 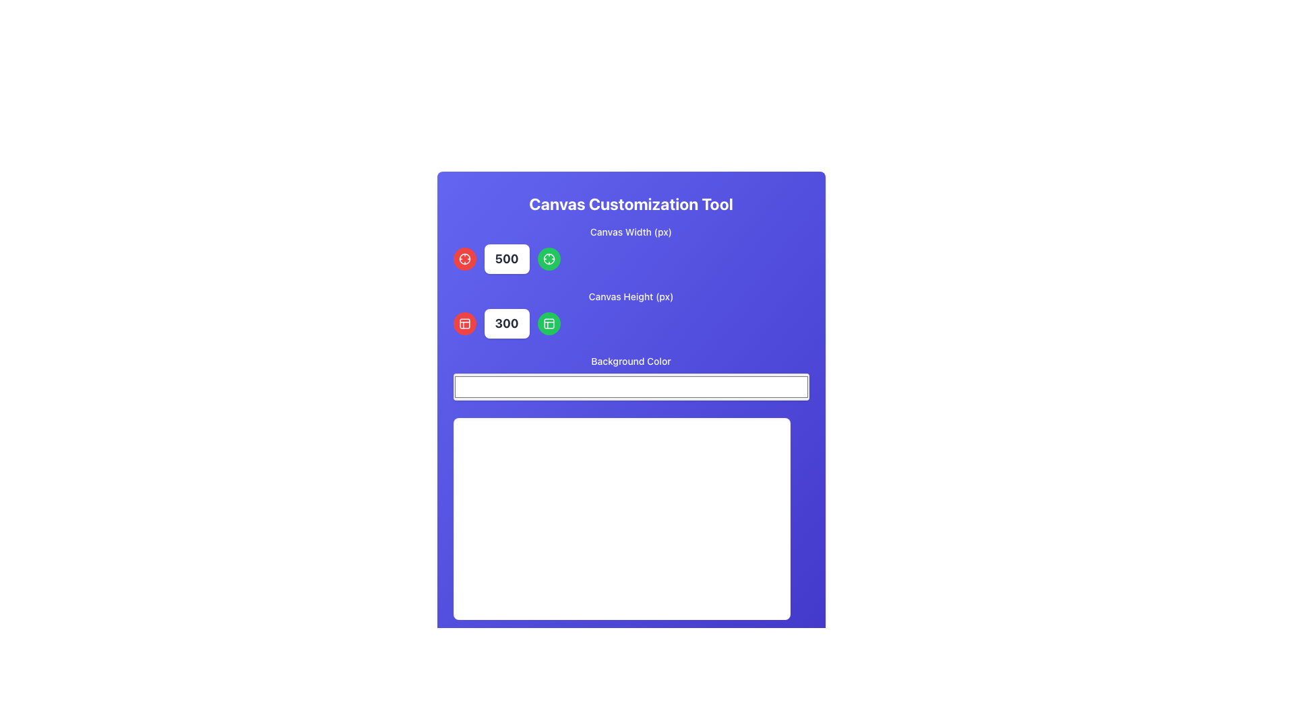 What do you see at coordinates (630, 231) in the screenshot?
I see `text label that displays 'Canvas Width (px)', which is a small font styled element located above the number input field showing the value 500` at bounding box center [630, 231].